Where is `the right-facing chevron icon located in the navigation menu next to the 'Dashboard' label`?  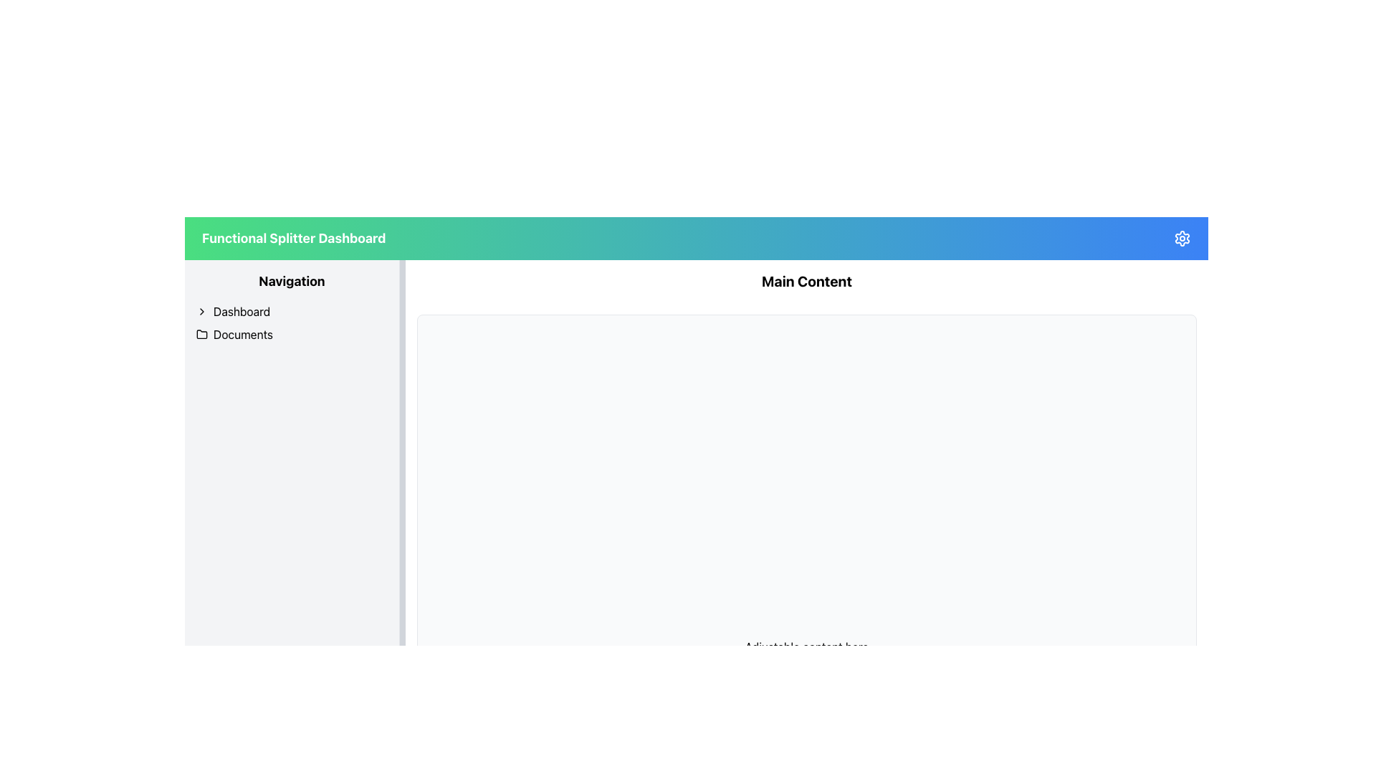 the right-facing chevron icon located in the navigation menu next to the 'Dashboard' label is located at coordinates (201, 311).